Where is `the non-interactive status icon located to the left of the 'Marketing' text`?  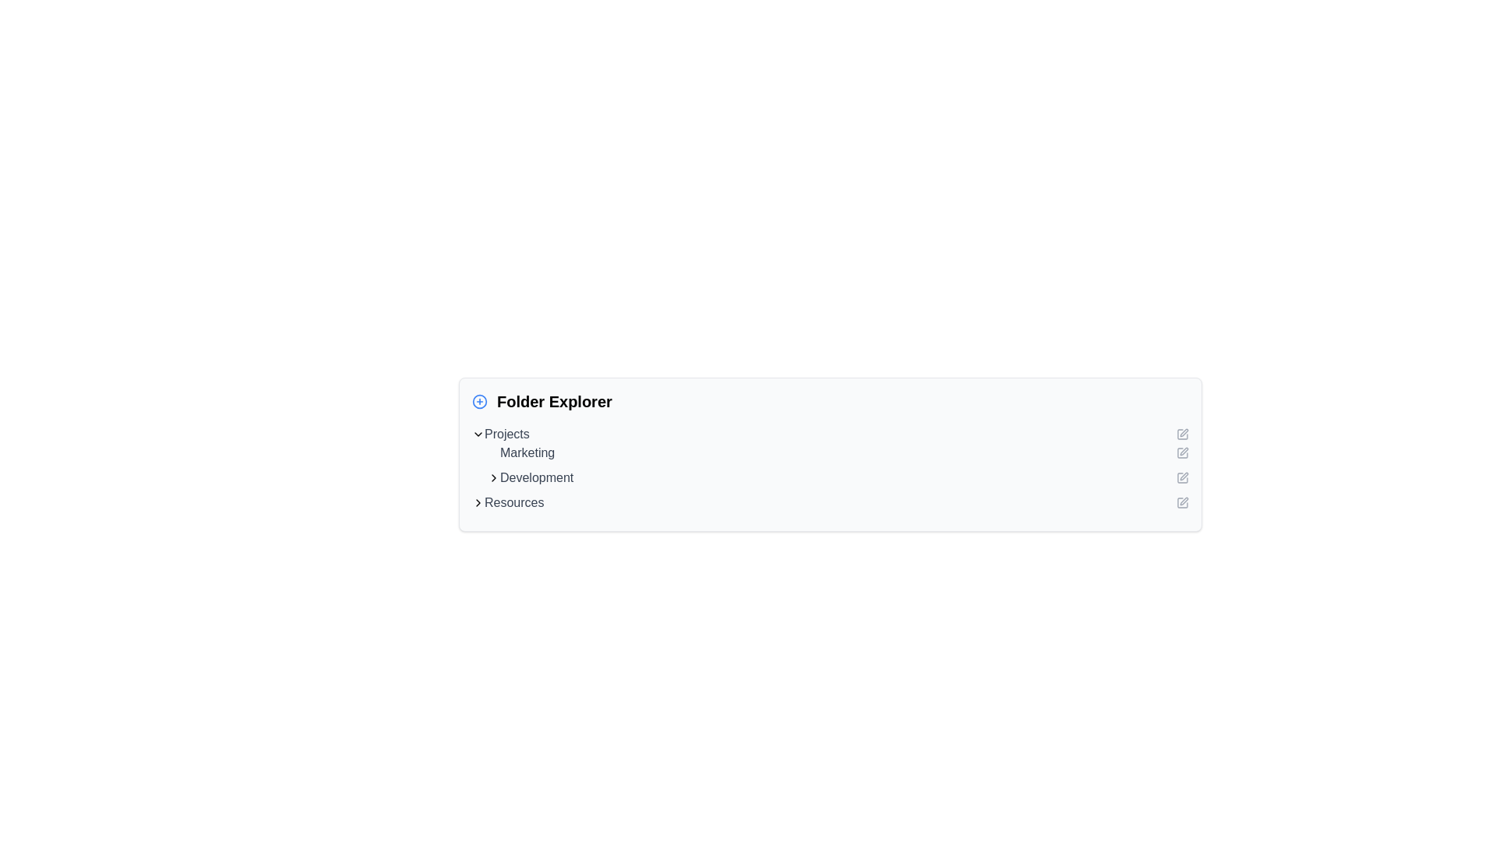
the non-interactive status icon located to the left of the 'Marketing' text is located at coordinates (492, 453).